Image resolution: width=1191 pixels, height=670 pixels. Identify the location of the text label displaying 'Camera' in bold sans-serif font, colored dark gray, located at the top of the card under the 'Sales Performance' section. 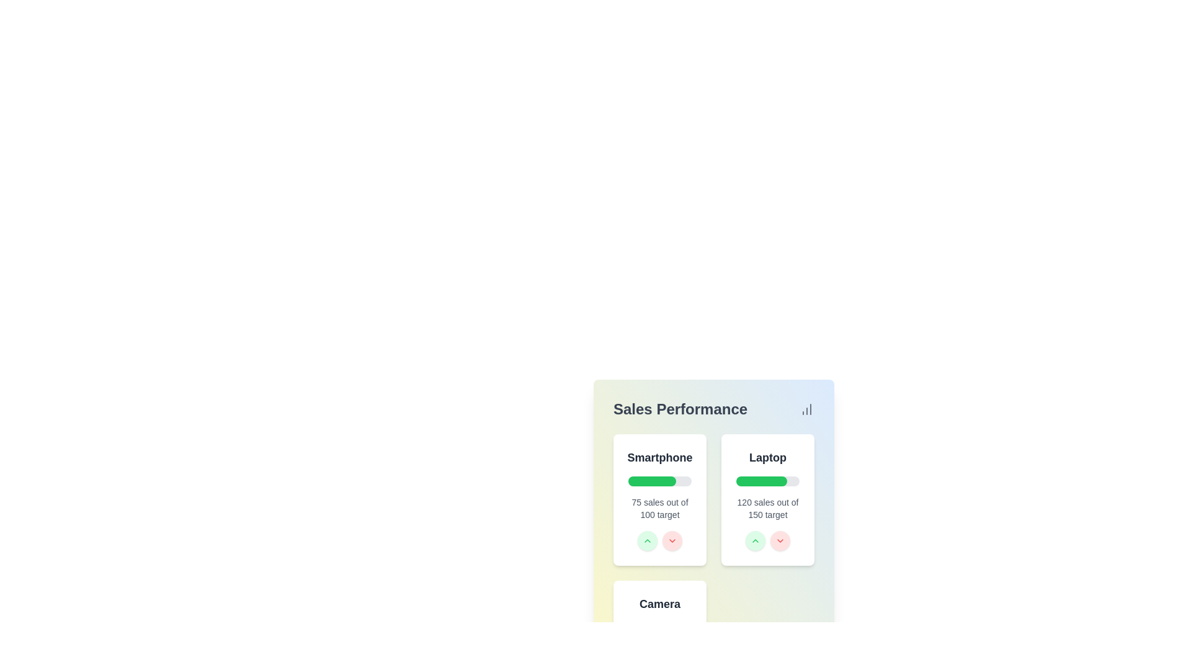
(659, 604).